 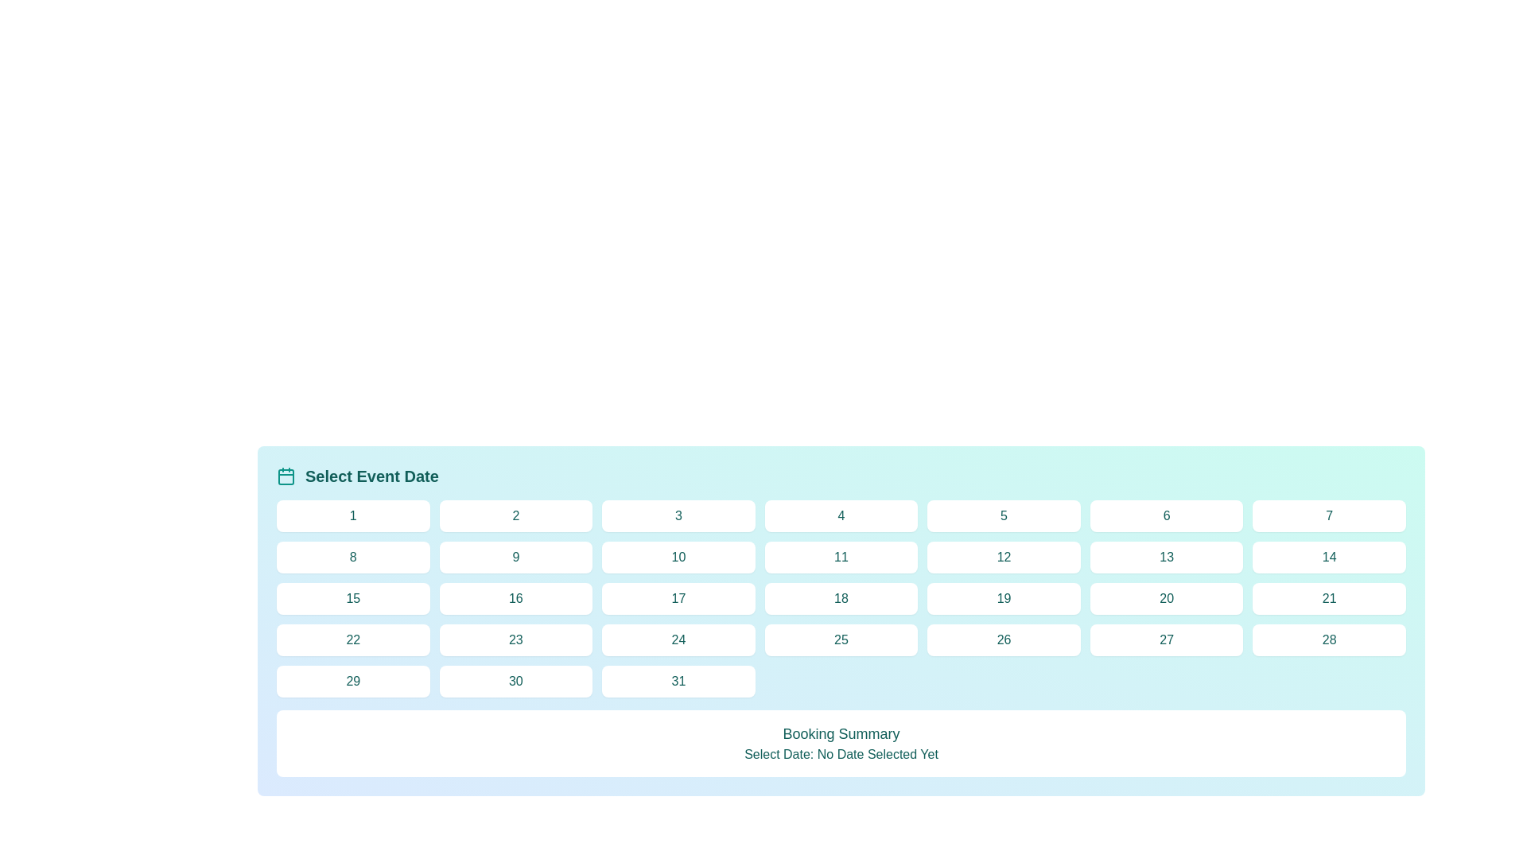 I want to click on the rounded rectangular button containing the number '5' with a white background and teal-colored text, so click(x=1003, y=515).